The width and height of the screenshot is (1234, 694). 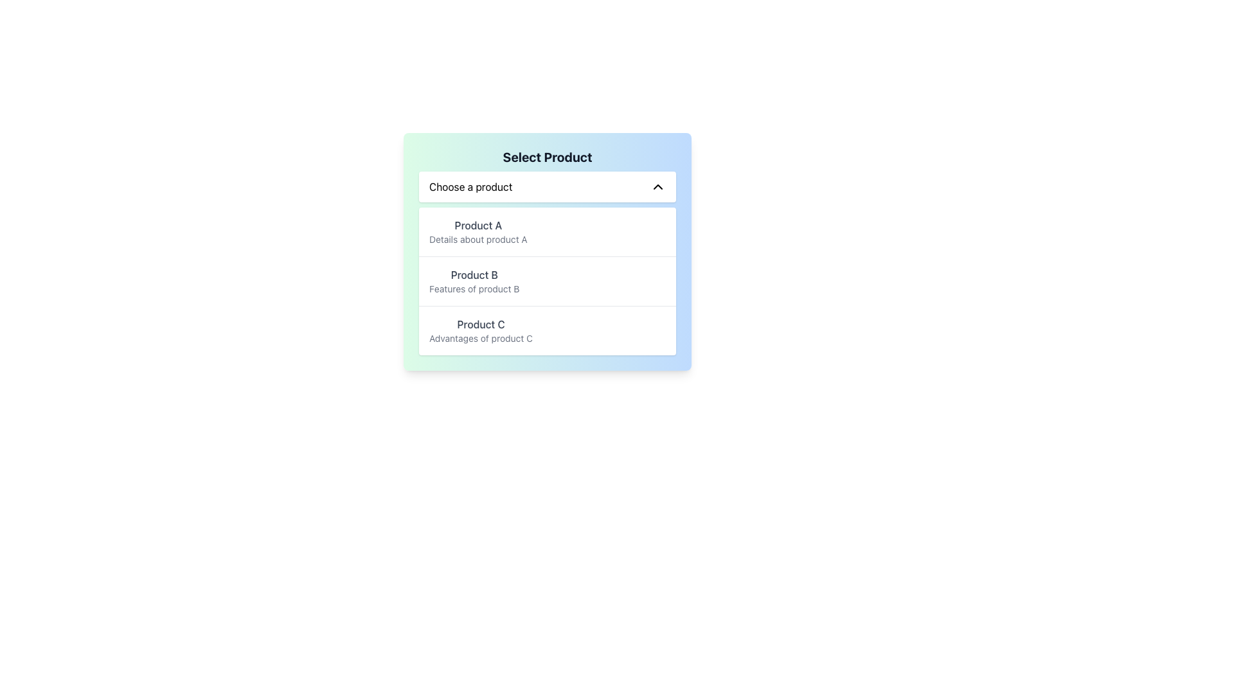 What do you see at coordinates (547, 281) in the screenshot?
I see `the 'Product B' list item element, which is the second segment of a dropdown menu below the title 'Select Product'` at bounding box center [547, 281].